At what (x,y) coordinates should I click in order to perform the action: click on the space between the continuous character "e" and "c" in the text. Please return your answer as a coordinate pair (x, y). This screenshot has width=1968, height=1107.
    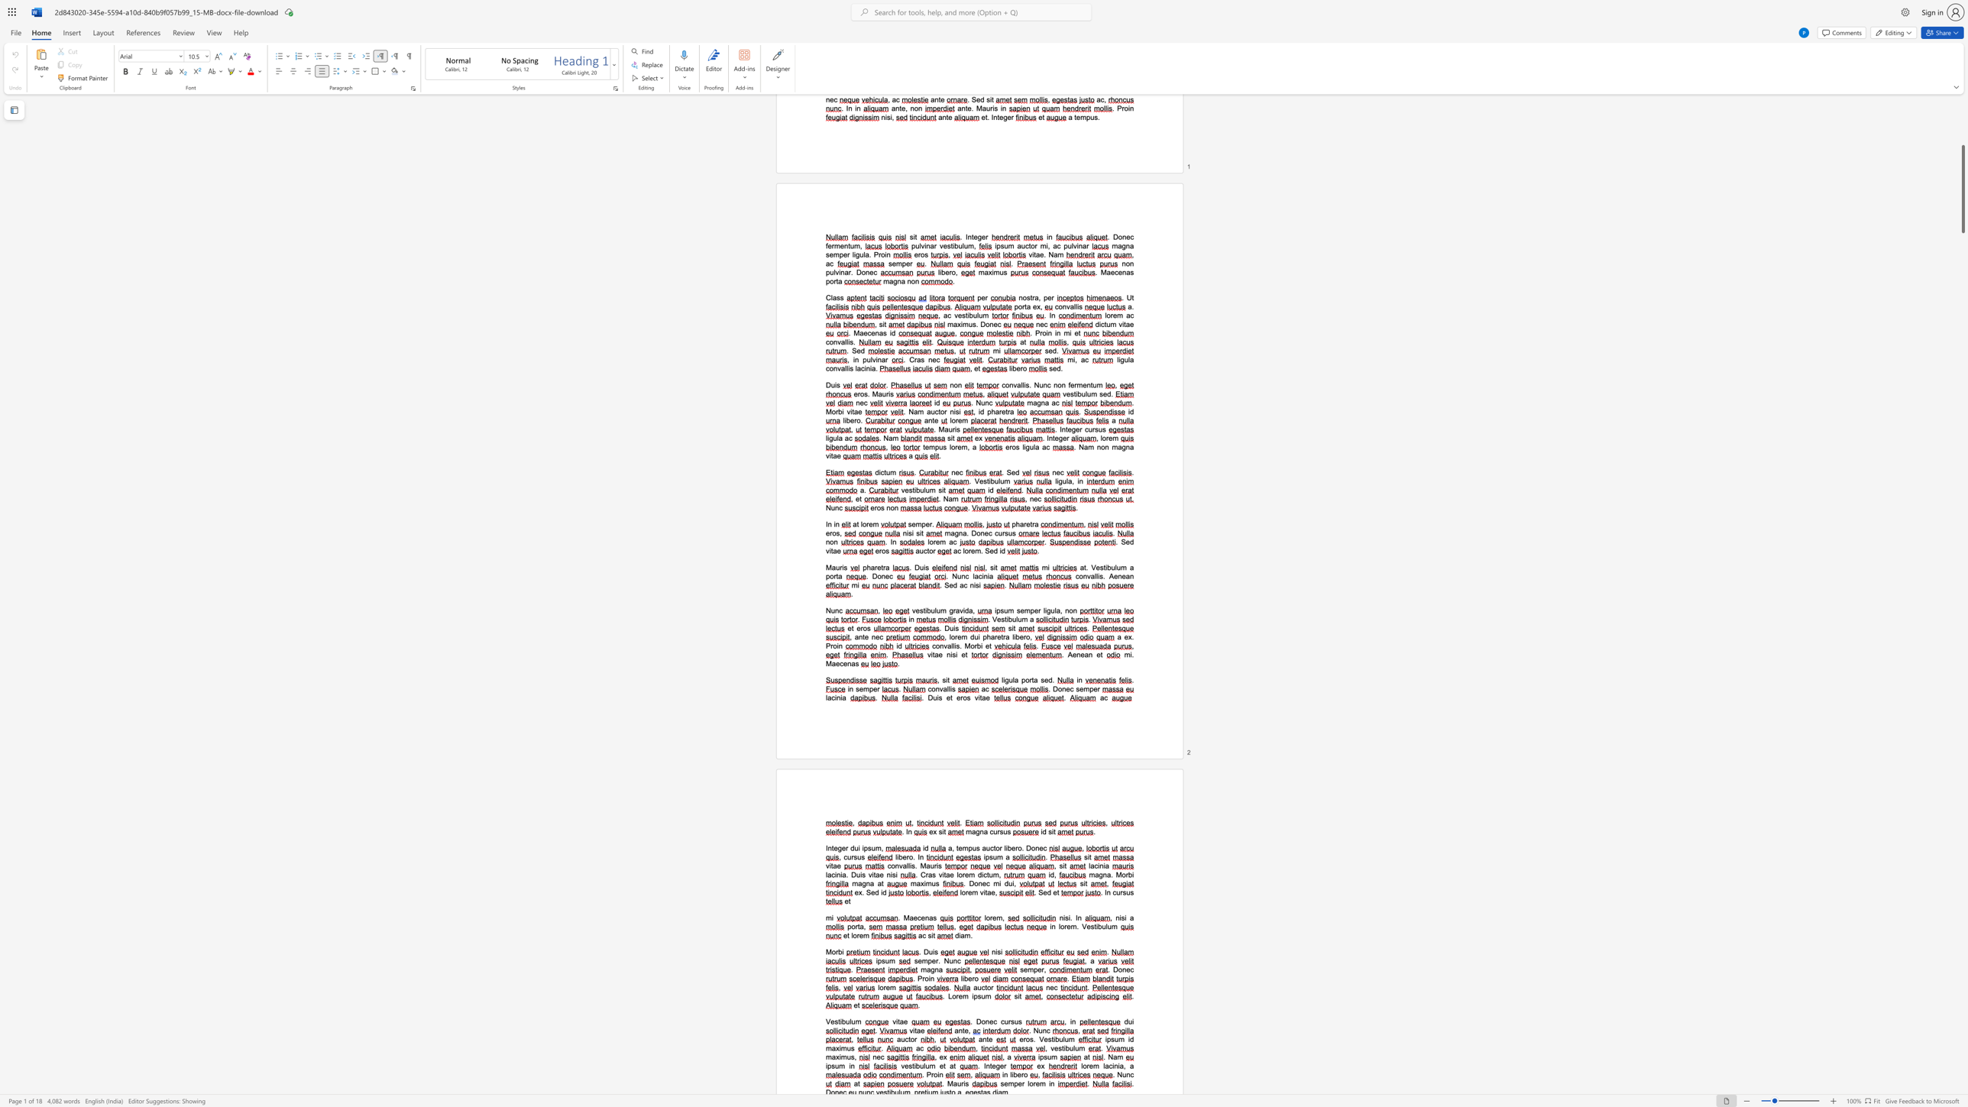
    Looking at the image, I should click on (993, 1021).